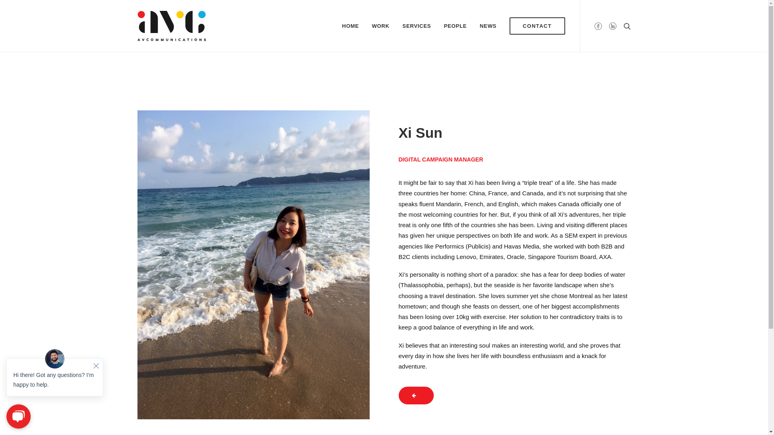 The height and width of the screenshot is (435, 774). Describe the element at coordinates (487, 25) in the screenshot. I see `'NEWS'` at that location.